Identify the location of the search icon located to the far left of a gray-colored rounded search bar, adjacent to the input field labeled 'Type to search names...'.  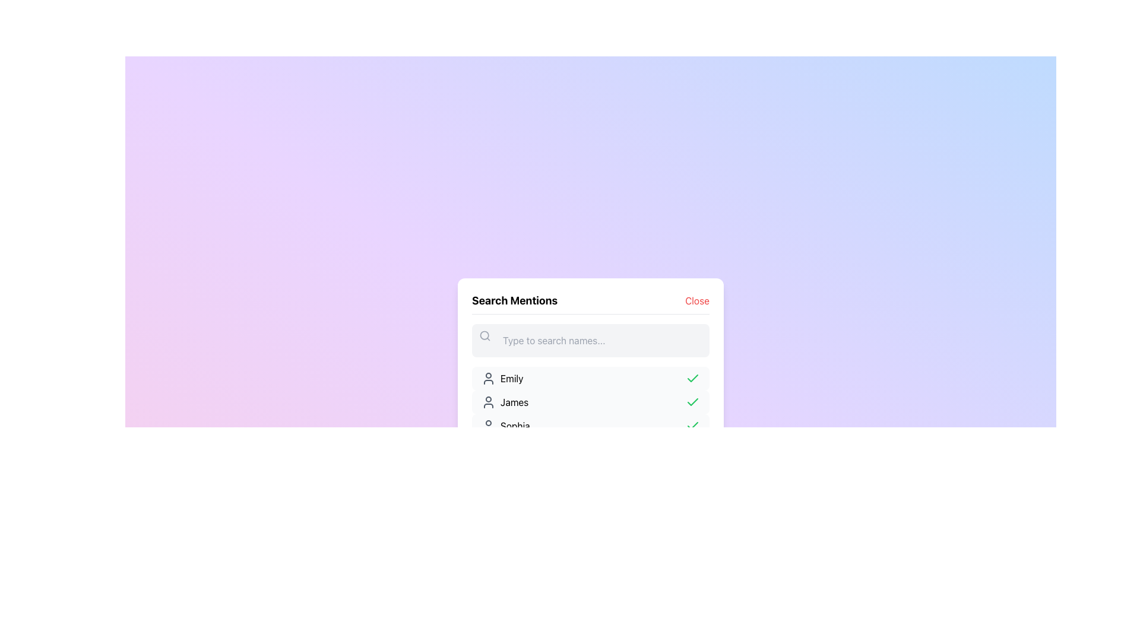
(484, 335).